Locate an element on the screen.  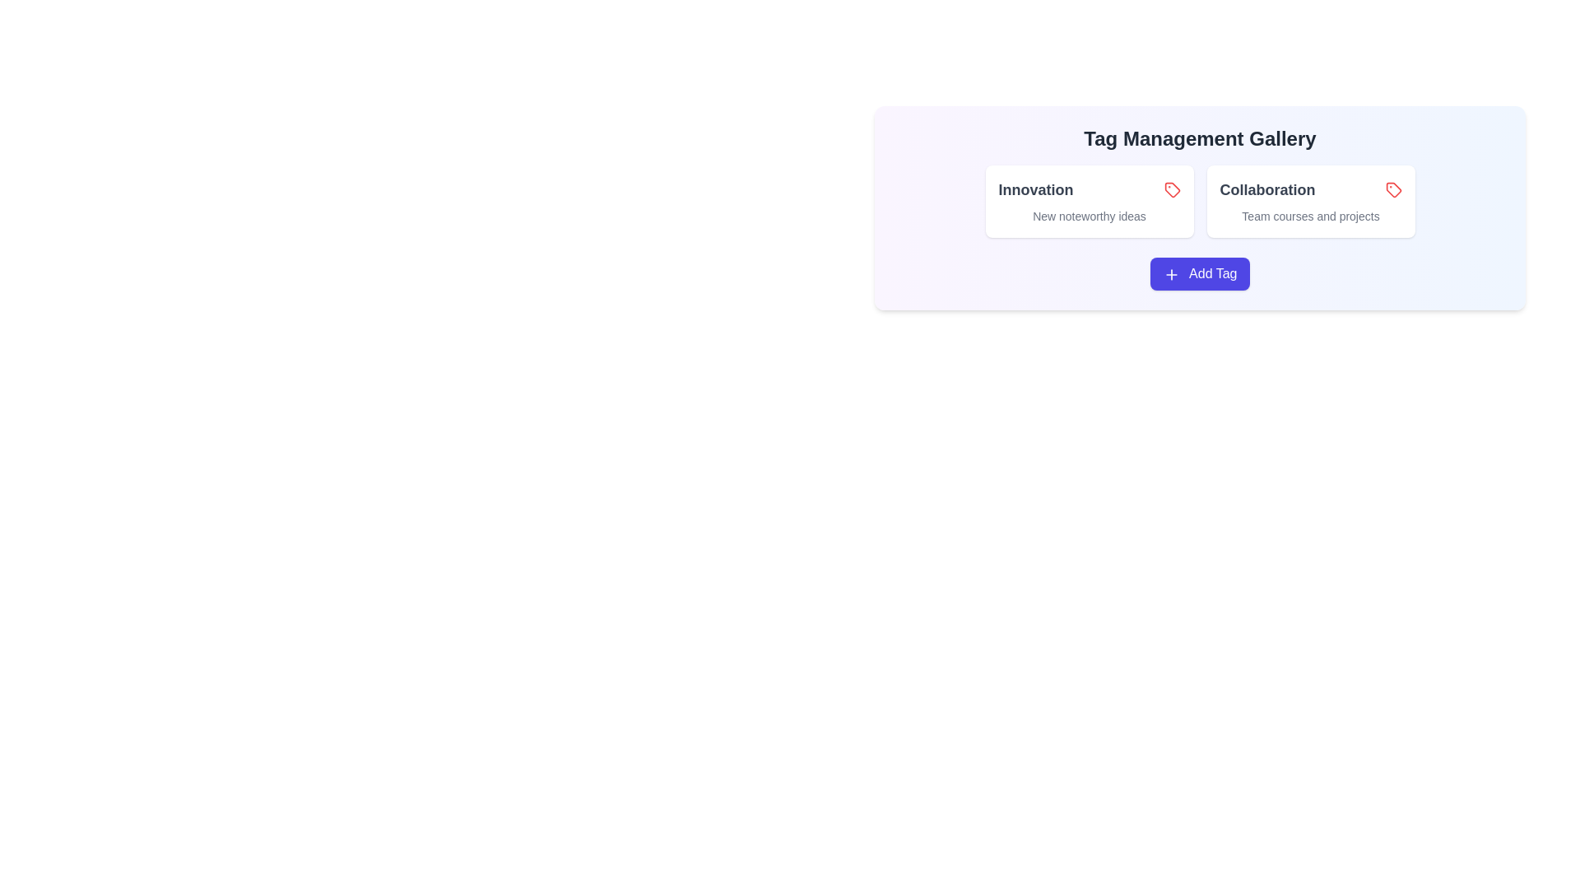
the first card component in the grid with a title 'Innovation', which has a white background, rounded corners, and a small red tag icon on the right is located at coordinates (1090, 201).